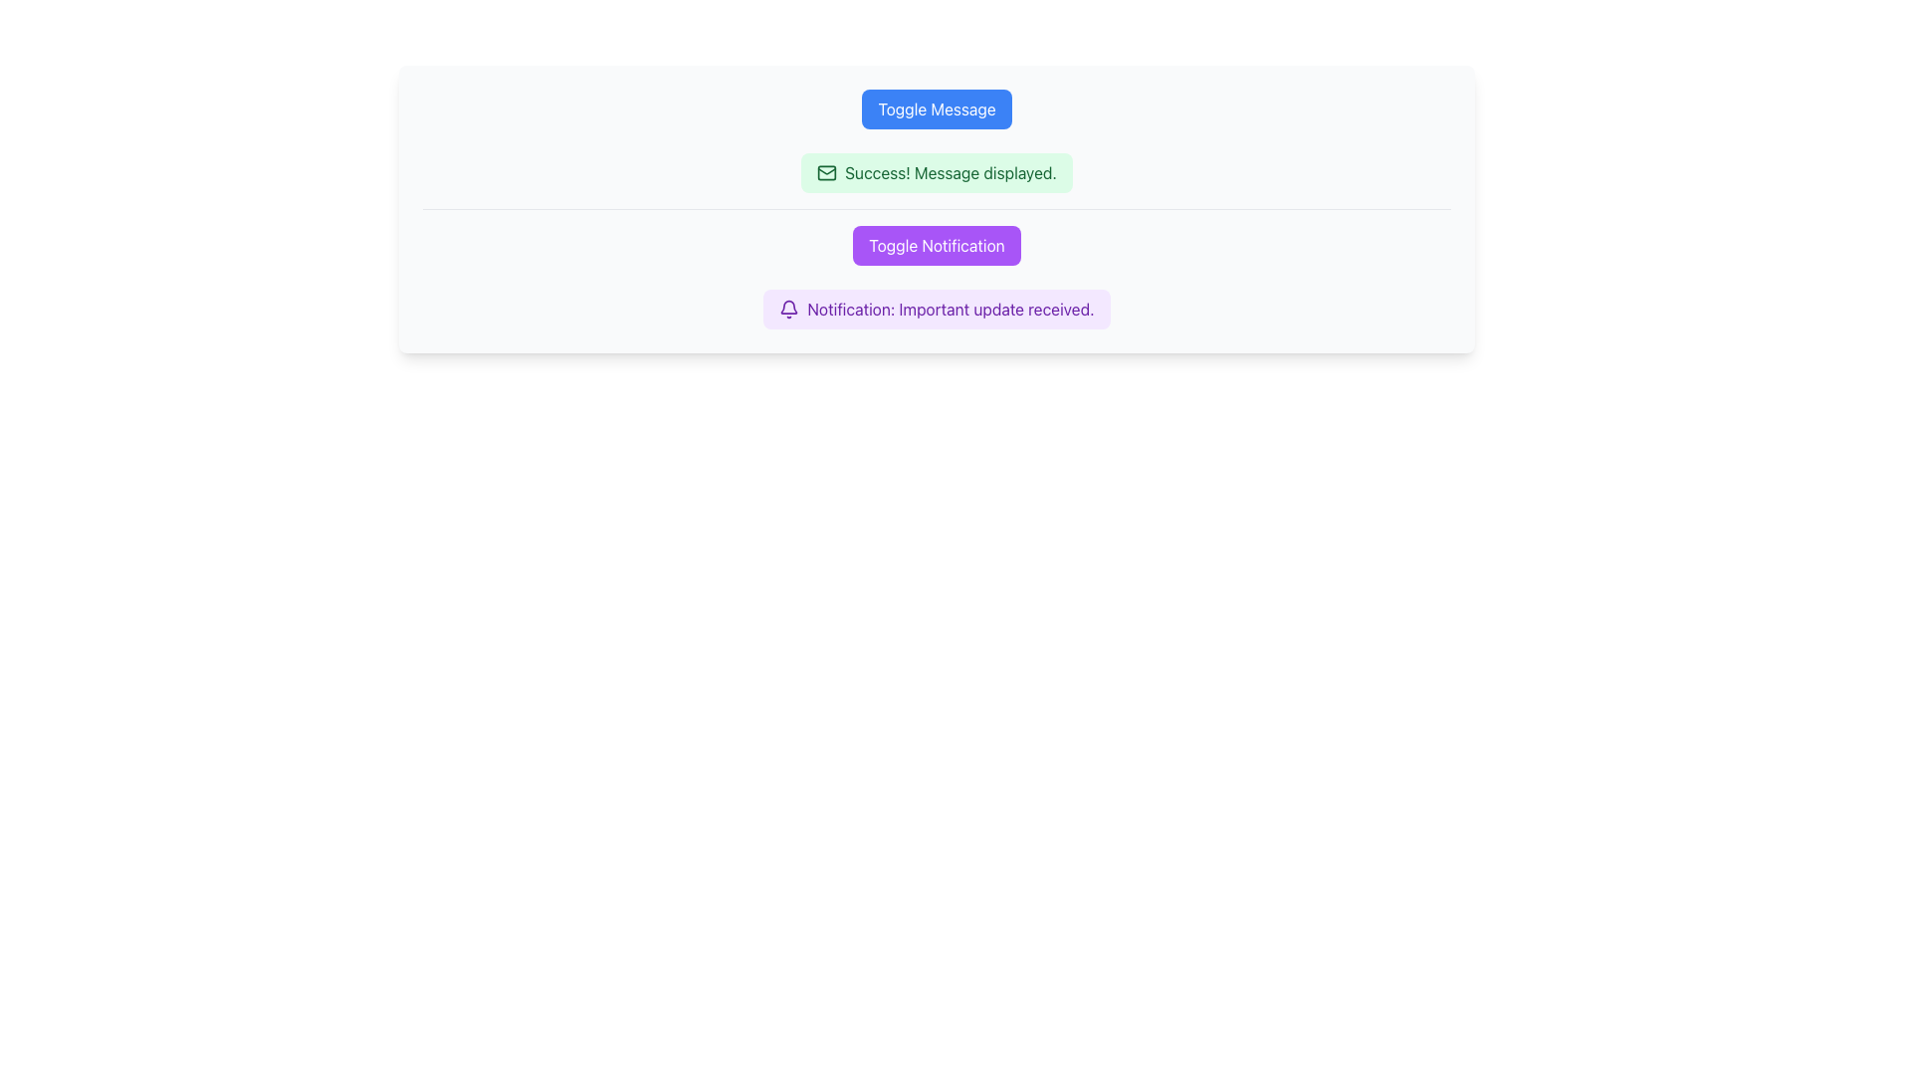 The height and width of the screenshot is (1075, 1911). What do you see at coordinates (788, 310) in the screenshot?
I see `the bell icon located at the leftmost part of the notification bar stating 'Notification: Important update received.'` at bounding box center [788, 310].